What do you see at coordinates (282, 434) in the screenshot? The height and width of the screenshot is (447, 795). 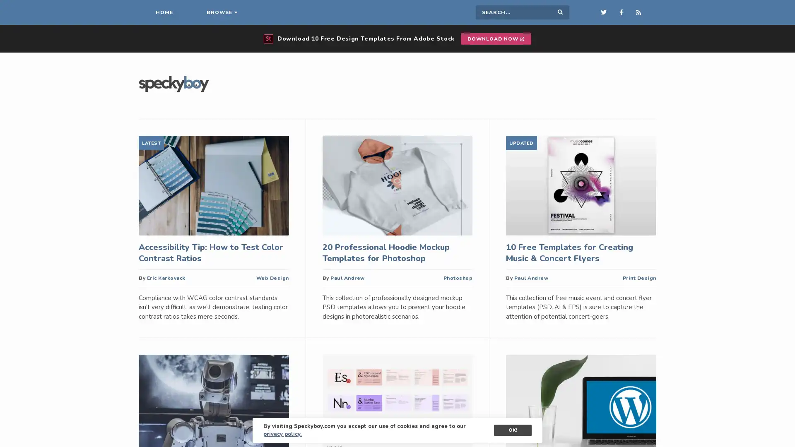 I see `learn more about cookies` at bounding box center [282, 434].